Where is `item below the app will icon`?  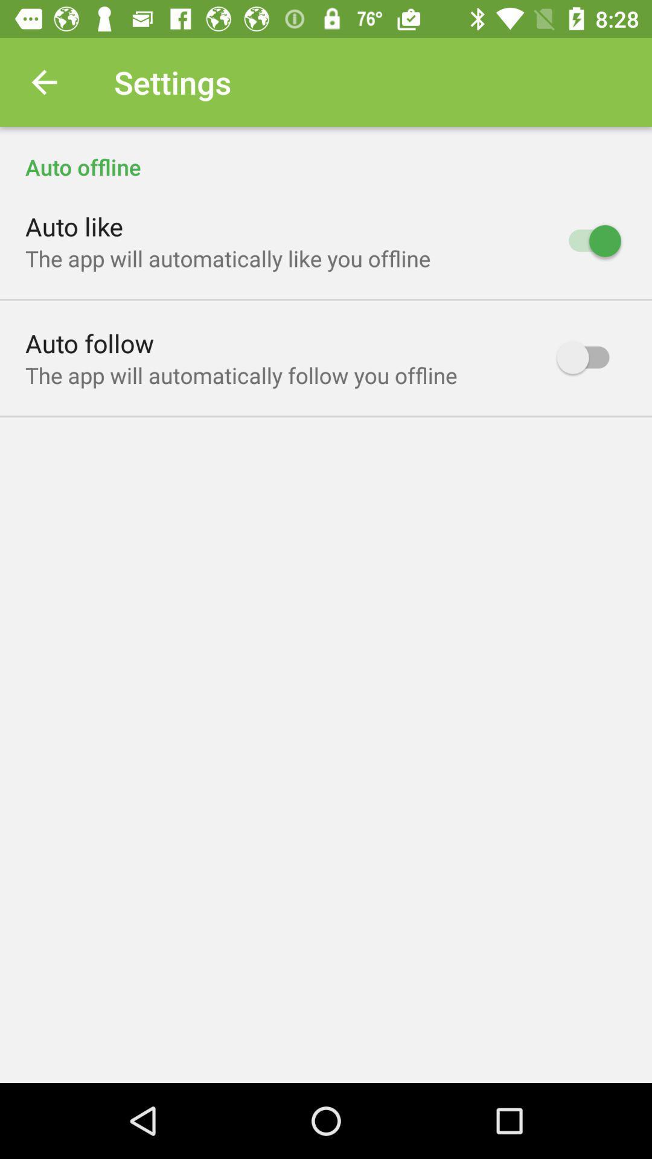 item below the app will icon is located at coordinates (89, 342).